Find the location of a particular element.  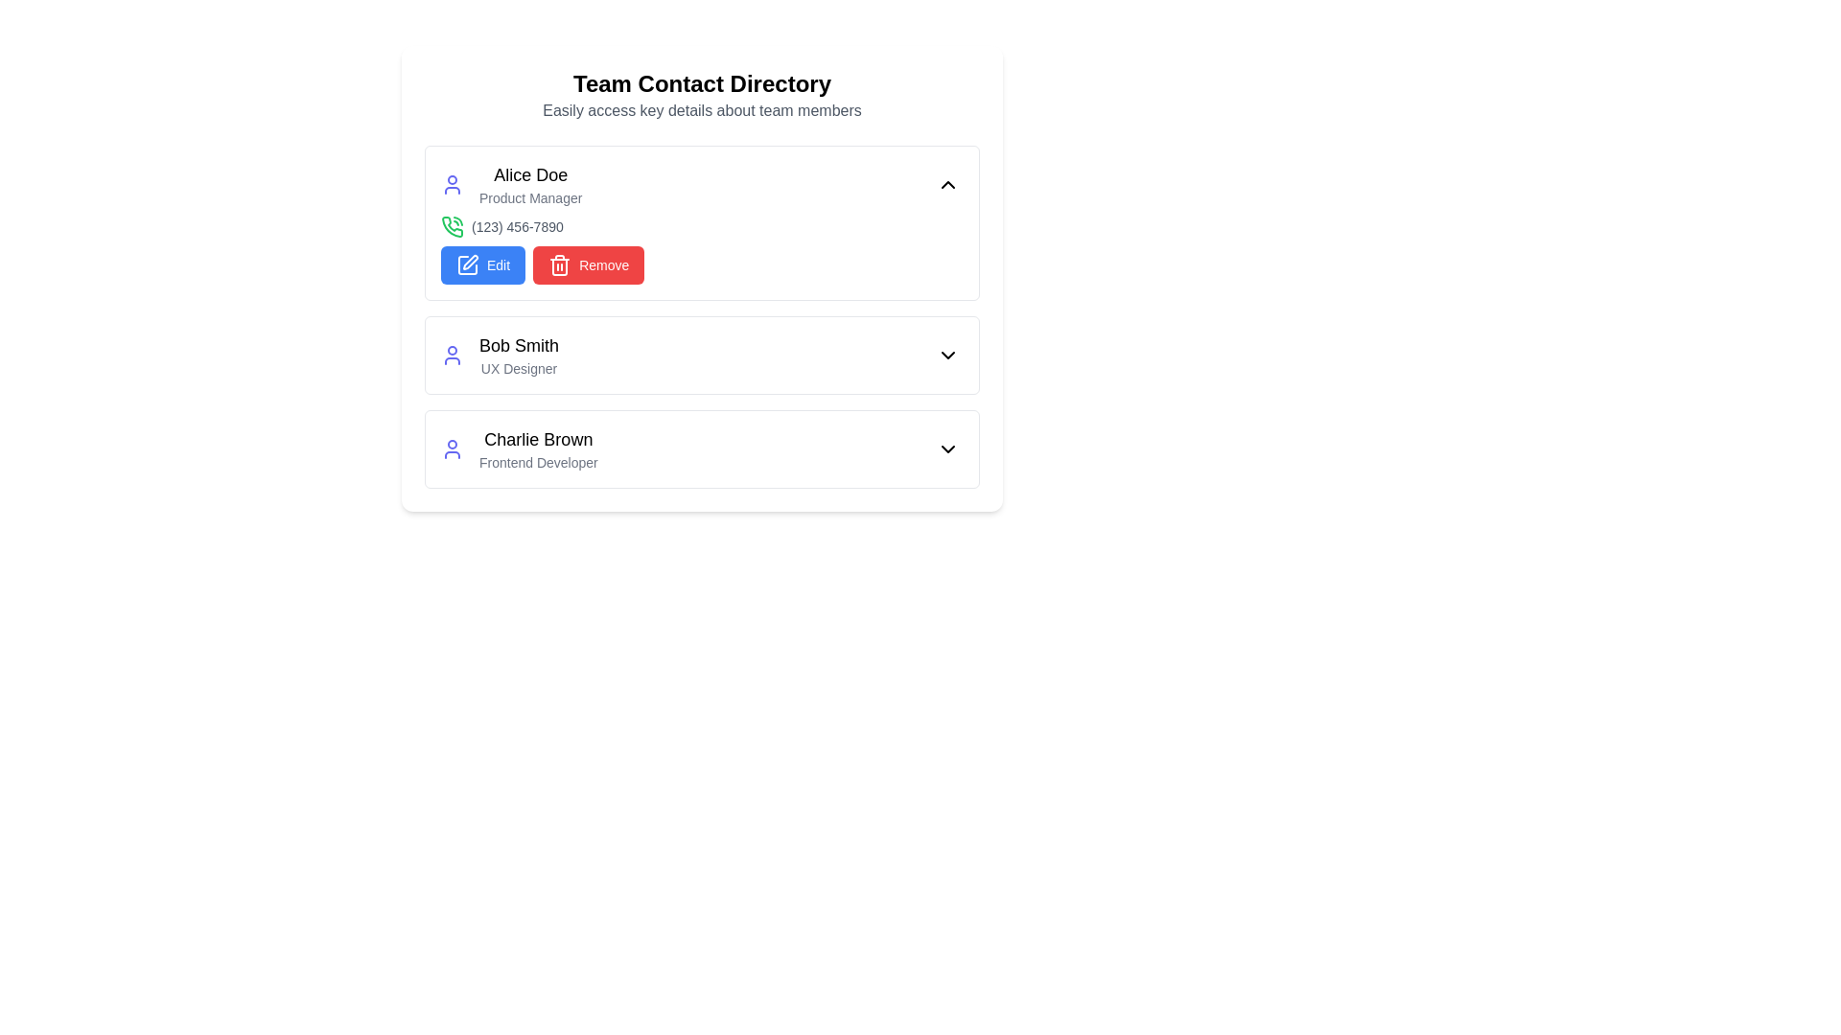

the edit icon located on the leftmost side of the 'Edit' button, which is positioned below the details of 'Alice Doe' in the interface panel is located at coordinates (468, 265).